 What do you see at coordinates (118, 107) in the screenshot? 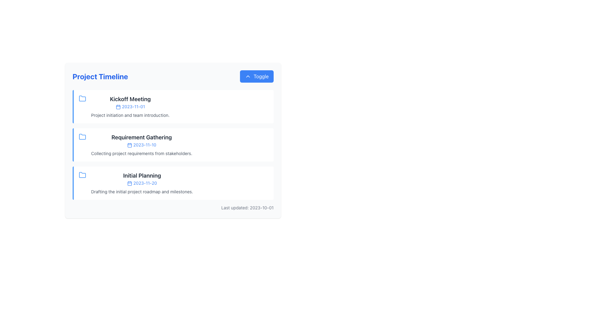
I see `the calendar SVG icon that indicates the date for the 'Kickoff Meeting' entry, located to the left of the '2023-11-01' text in the timeline interface` at bounding box center [118, 107].